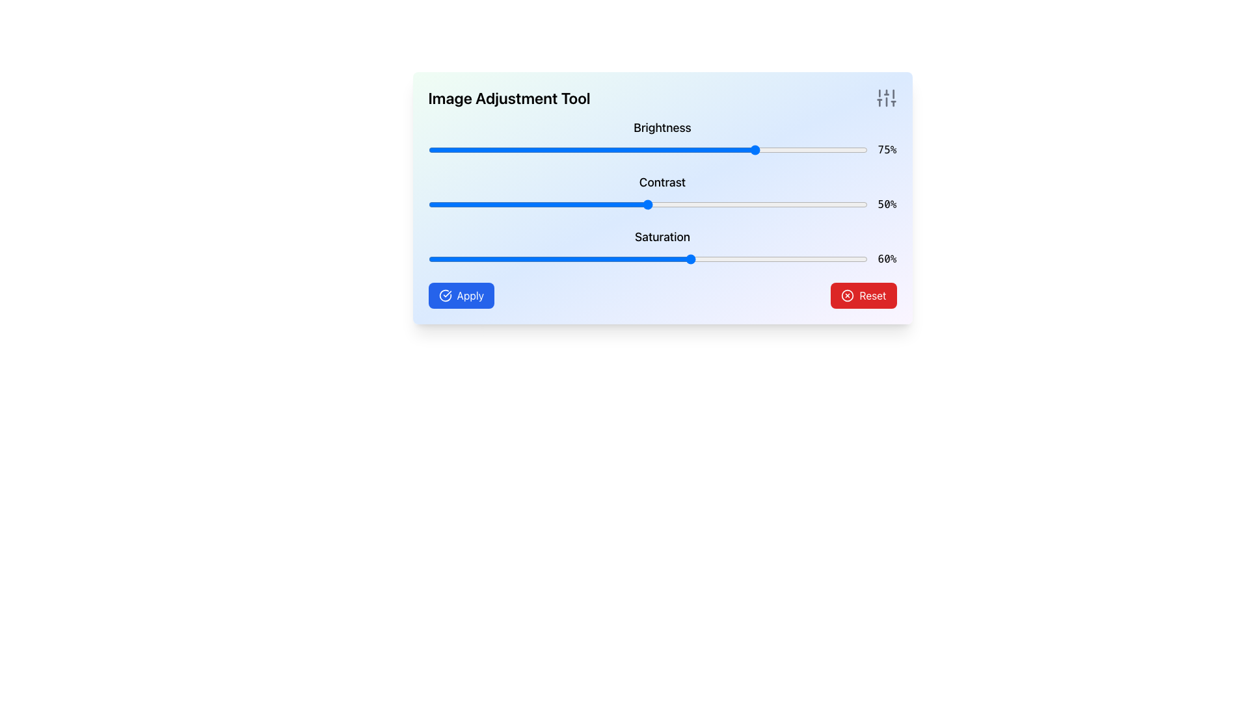 The image size is (1249, 702). What do you see at coordinates (461, 296) in the screenshot?
I see `the blue 'Apply' button with white text and a checkmark icon to apply changes` at bounding box center [461, 296].